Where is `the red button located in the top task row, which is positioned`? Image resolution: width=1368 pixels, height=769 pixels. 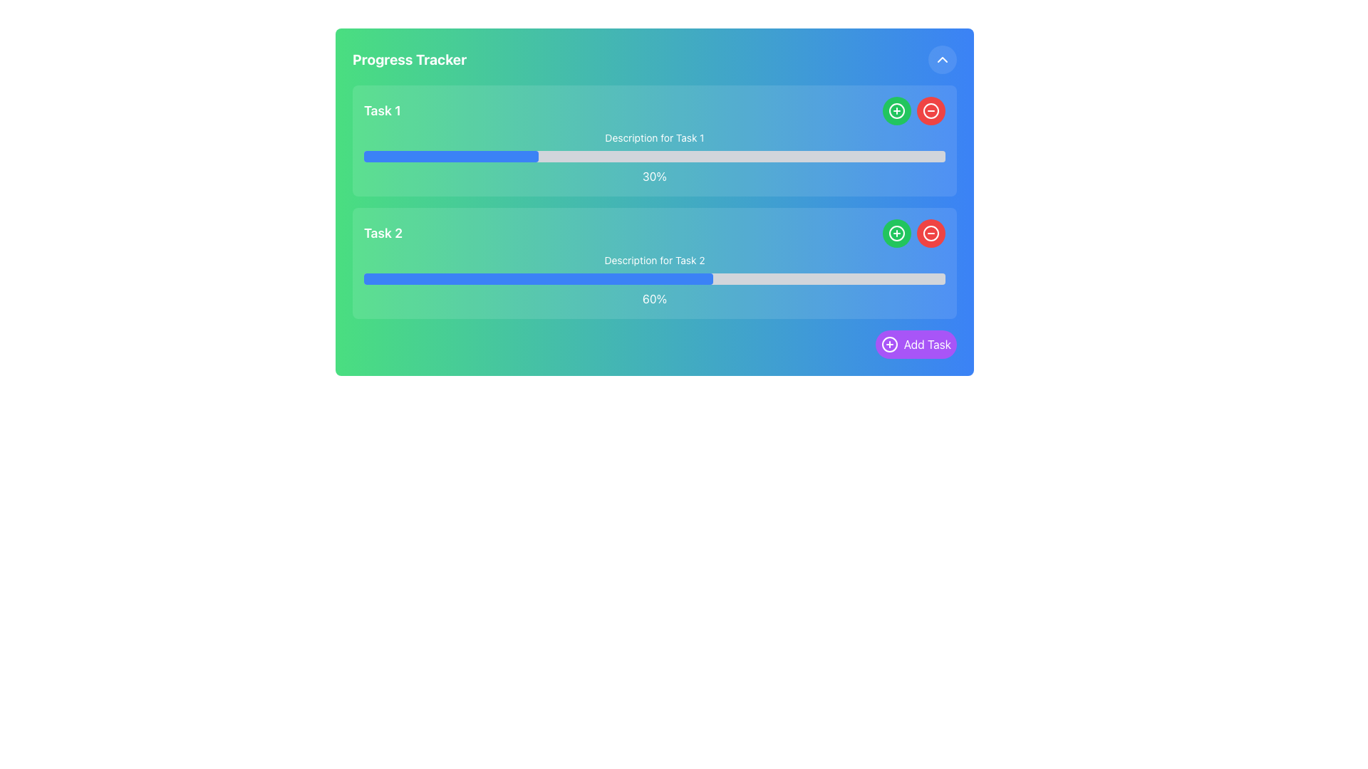 the red button located in the top task row, which is positioned is located at coordinates (931, 110).